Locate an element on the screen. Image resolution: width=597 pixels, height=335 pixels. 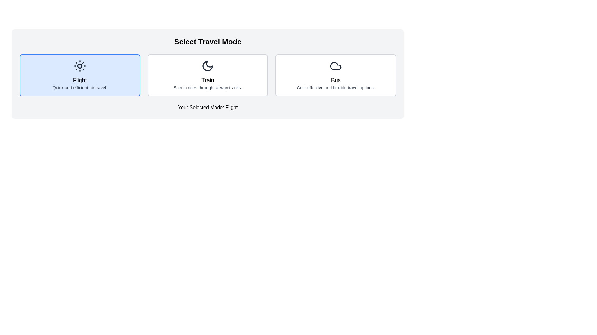
the label element that indicates the user's selected travel mode, located immediately to the left of the 'Flight' option indicator is located at coordinates (201, 107).